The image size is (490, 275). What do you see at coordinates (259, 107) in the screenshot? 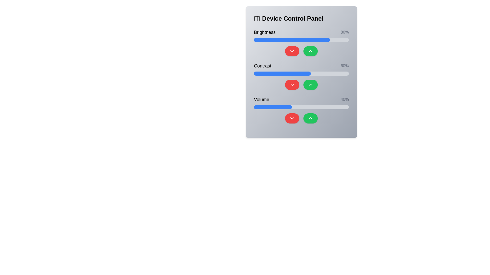
I see `the progress of the slider` at bounding box center [259, 107].